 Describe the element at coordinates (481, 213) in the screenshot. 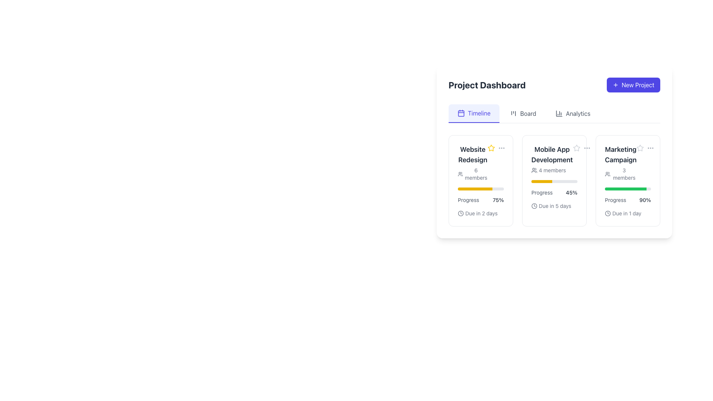

I see `text content of the 'Due in 2 days' label, which is a small gray text label located to the rightmost position next to a clock icon in the Project Dashboard` at that location.